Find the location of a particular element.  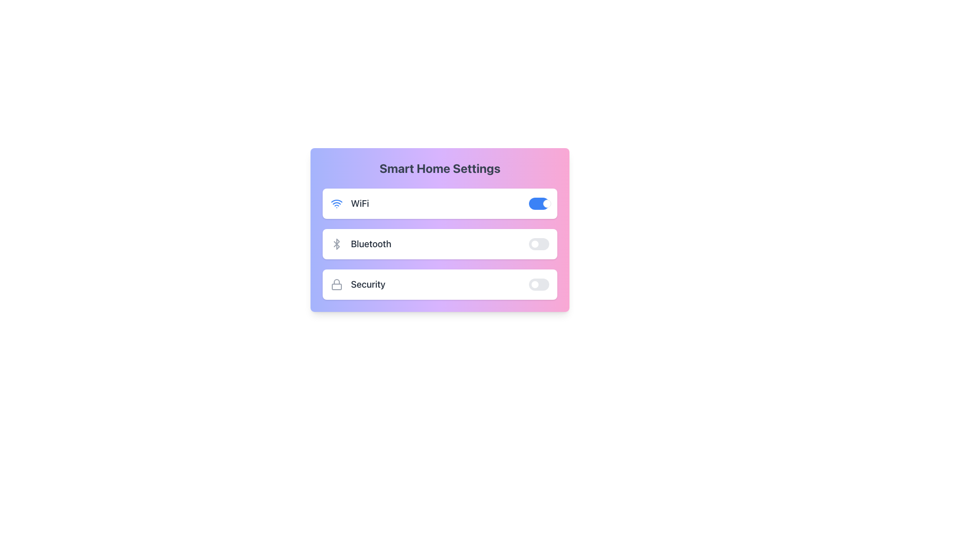

the toggle switch knob for the 'Bluetooth' entry in the 'Smart Home Settings' panel is located at coordinates (534, 244).